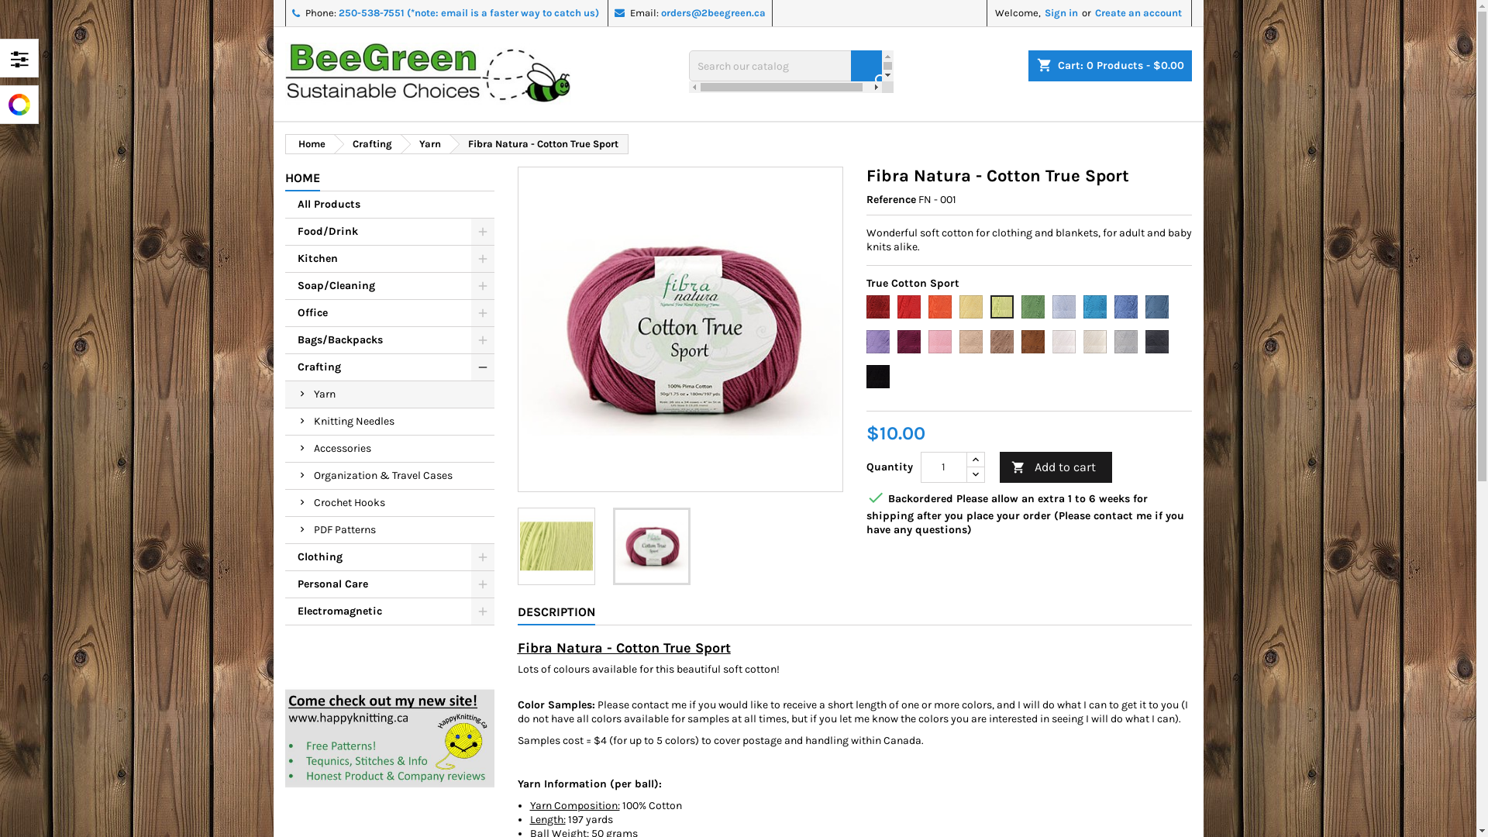 This screenshot has width=1488, height=837. I want to click on 'Create an account', so click(1138, 12).